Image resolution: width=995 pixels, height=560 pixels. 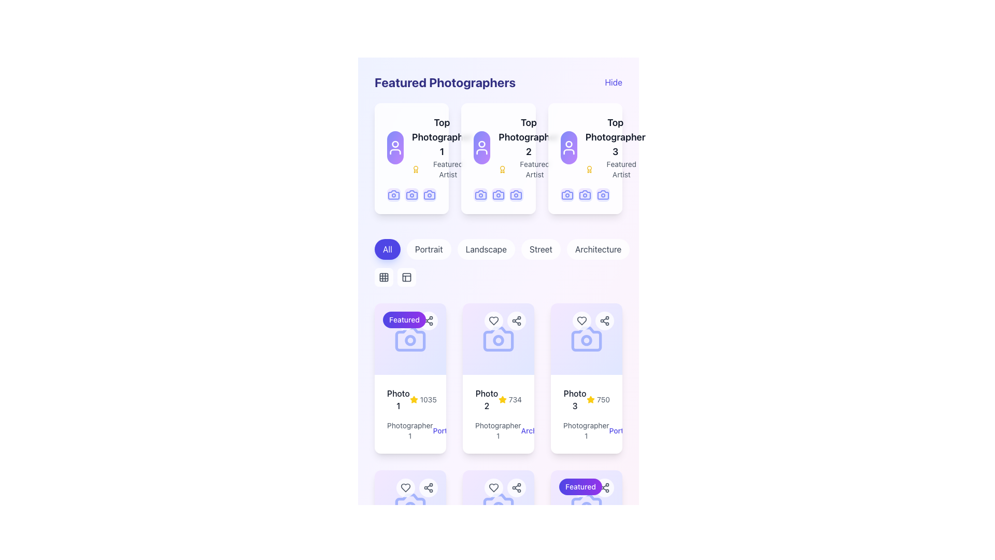 I want to click on the text label indicating the title for the photographer located at the top center of the third card from the left in the row of featured photographers, so click(x=615, y=137).